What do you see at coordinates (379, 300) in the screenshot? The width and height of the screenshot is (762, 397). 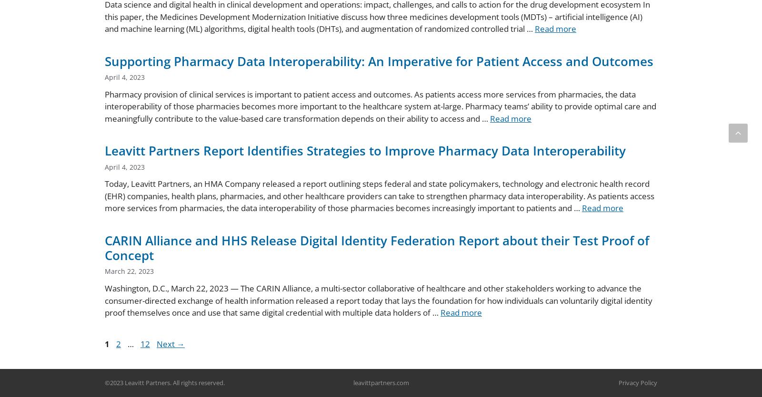 I see `'Washington, D.C., March 22, 2023 — The CARIN Alliance, a multi-sector collaborative of healthcare and other stakeholders working to advance the consumer-directed exchange of health information released a report today that lays the foundation for how individuals can voluntarily digital identity proof themselves once and use that same digital credential with multiple data holders of …'` at bounding box center [379, 300].